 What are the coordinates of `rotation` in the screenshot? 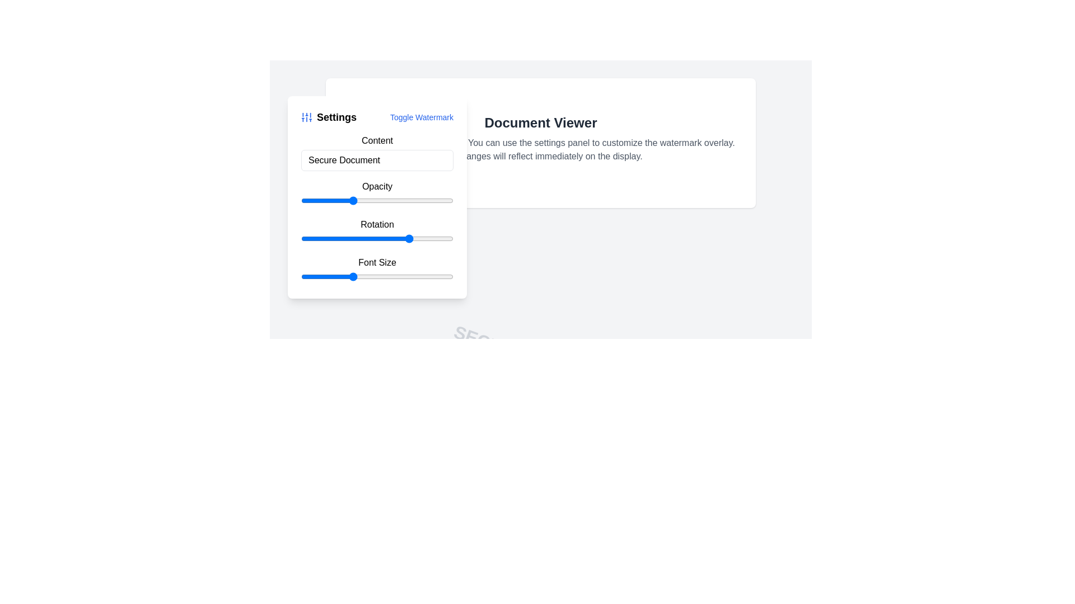 It's located at (381, 238).